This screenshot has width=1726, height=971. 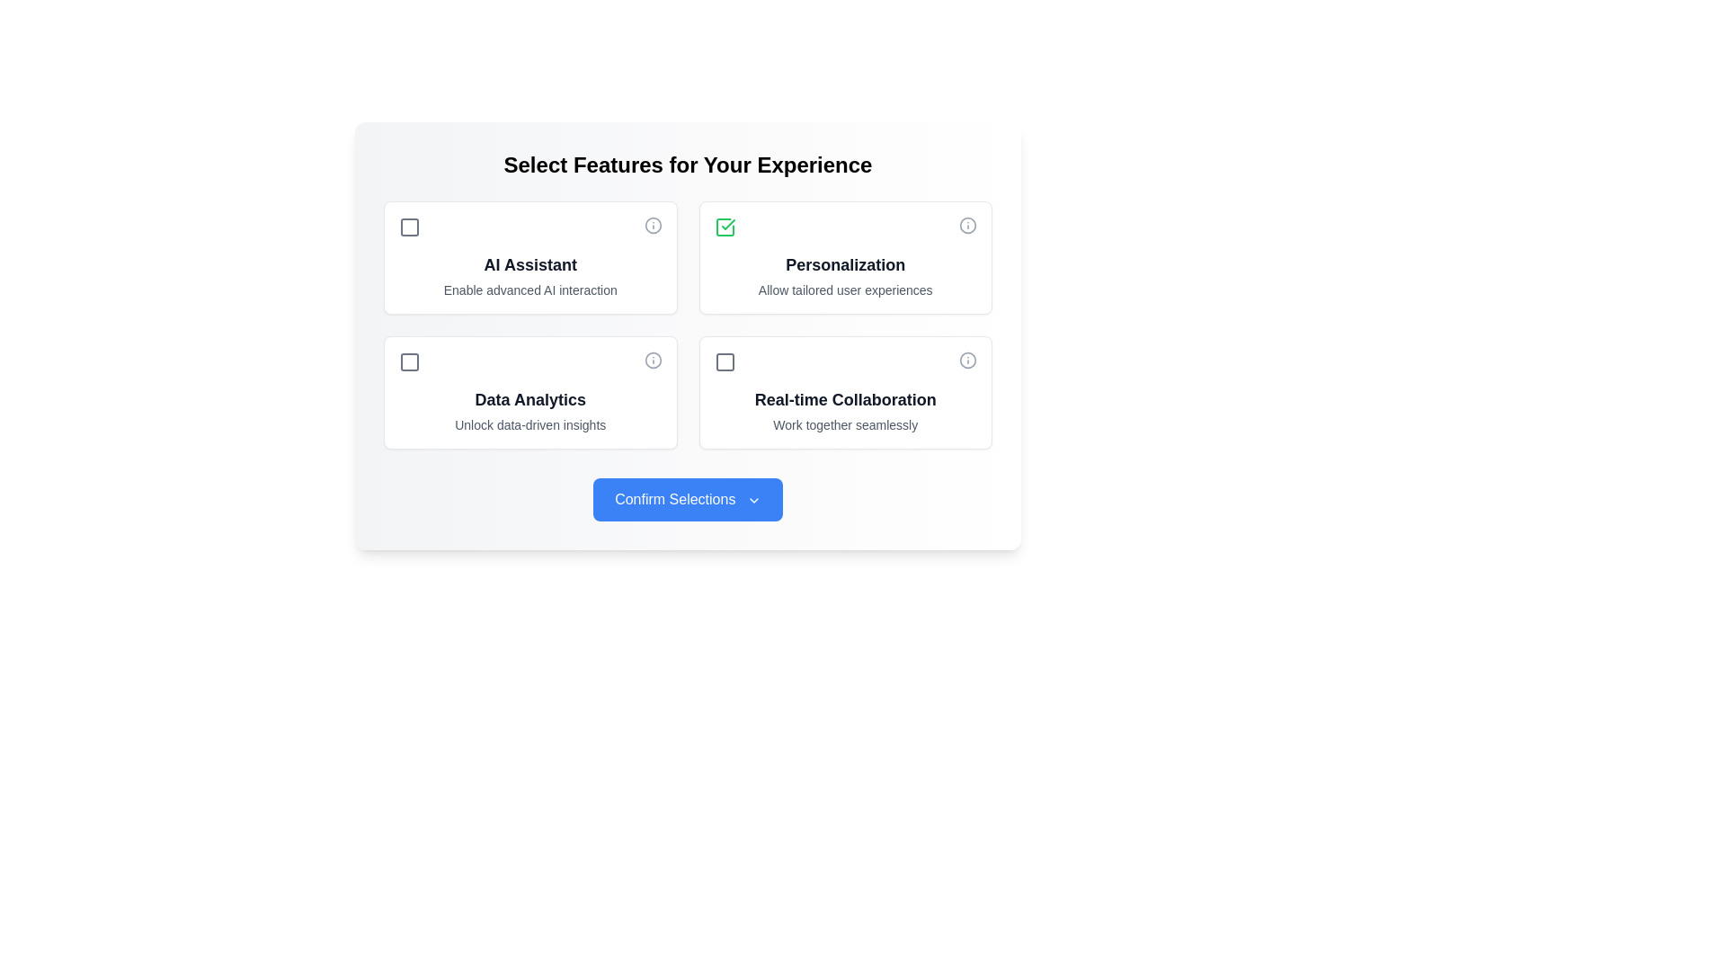 What do you see at coordinates (844, 276) in the screenshot?
I see `title 'Personalization' and subtitle 'Allow tailored user experiences' from the descriptive label element located in the top-right quadrant under 'Select Features for Your Experience'` at bounding box center [844, 276].